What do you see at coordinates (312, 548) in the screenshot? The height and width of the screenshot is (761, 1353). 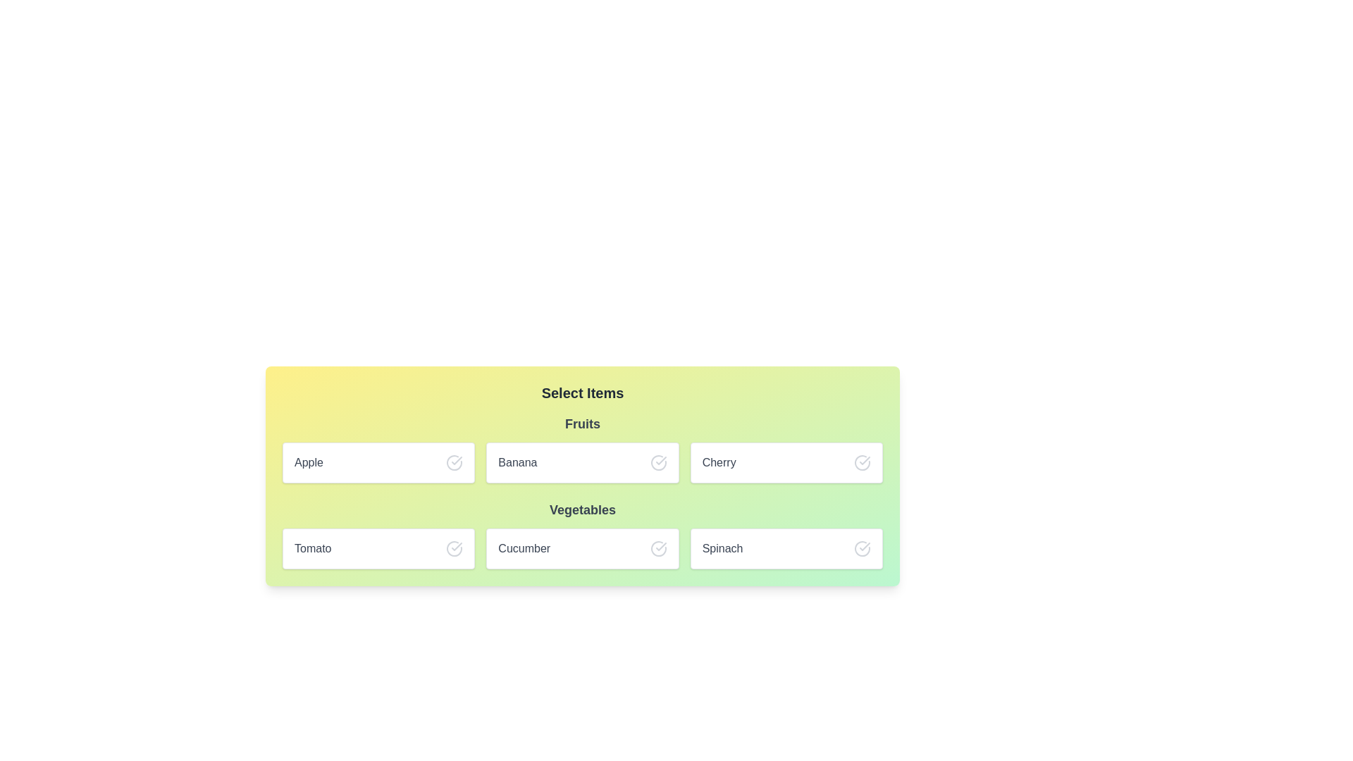 I see `'Tomato' text label located in the bottom-left card of a two-by-three grid, centered inside a rectangular white card with rounded corners and a shadow` at bounding box center [312, 548].